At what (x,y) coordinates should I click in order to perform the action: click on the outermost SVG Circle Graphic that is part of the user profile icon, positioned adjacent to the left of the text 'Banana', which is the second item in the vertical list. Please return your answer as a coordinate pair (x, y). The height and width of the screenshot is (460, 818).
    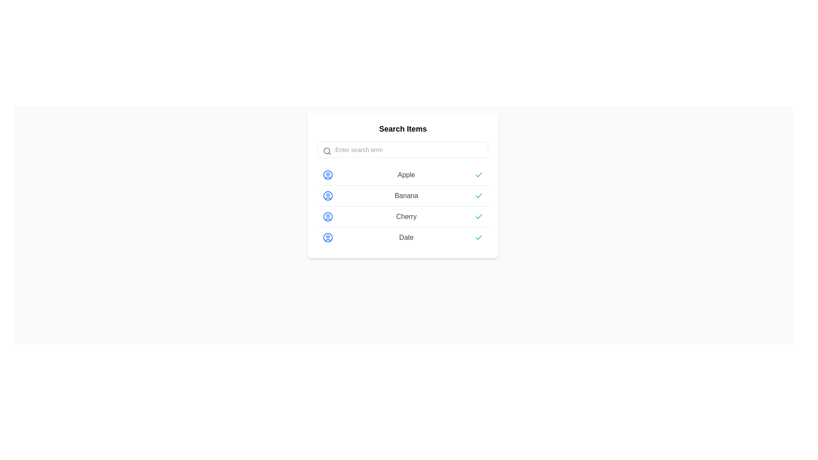
    Looking at the image, I should click on (327, 195).